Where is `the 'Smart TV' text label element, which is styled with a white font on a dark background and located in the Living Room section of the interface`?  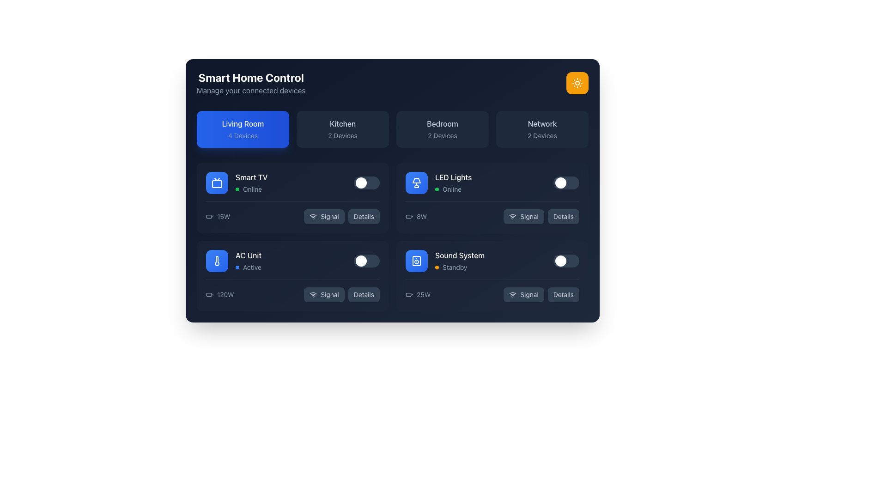 the 'Smart TV' text label element, which is styled with a white font on a dark background and located in the Living Room section of the interface is located at coordinates (251, 177).